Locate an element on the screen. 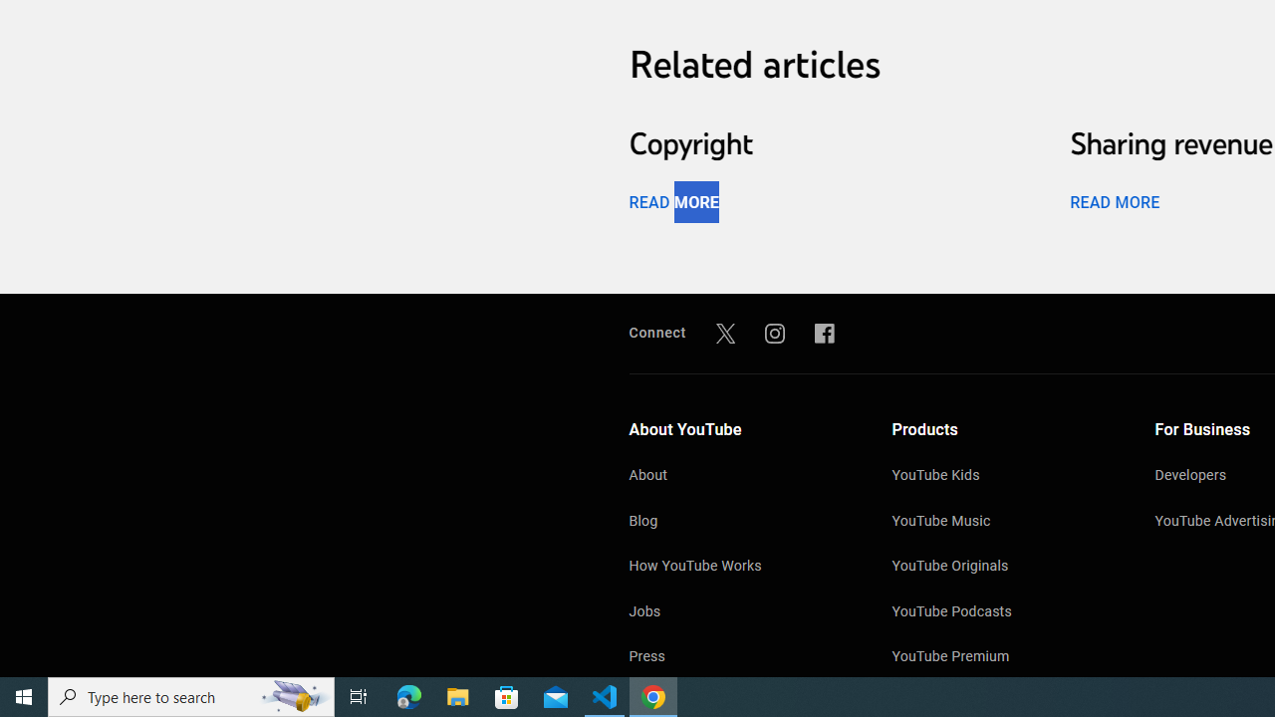 The image size is (1275, 717). 'YouTube Premium' is located at coordinates (1003, 658).